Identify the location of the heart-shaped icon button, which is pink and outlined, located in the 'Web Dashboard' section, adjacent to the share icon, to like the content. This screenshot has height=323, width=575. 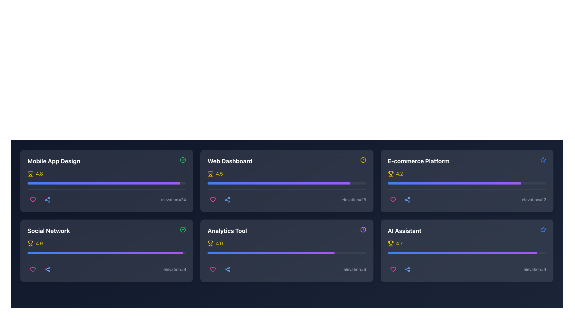
(213, 199).